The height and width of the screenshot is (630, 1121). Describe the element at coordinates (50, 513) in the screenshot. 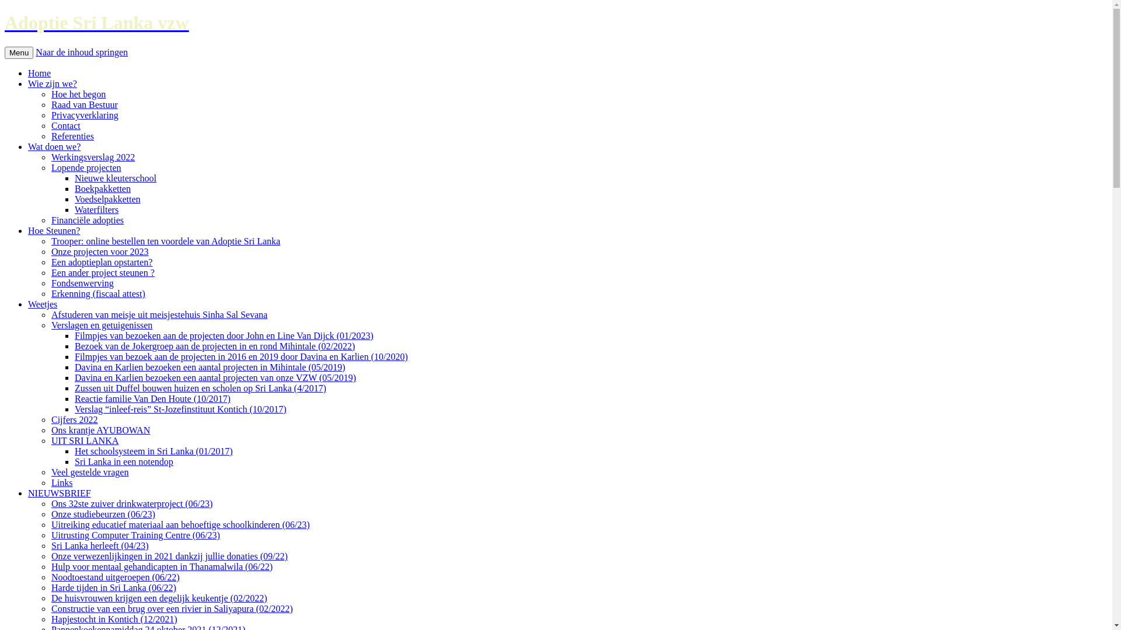

I see `'Onze studiebeurzen (06/23)'` at that location.